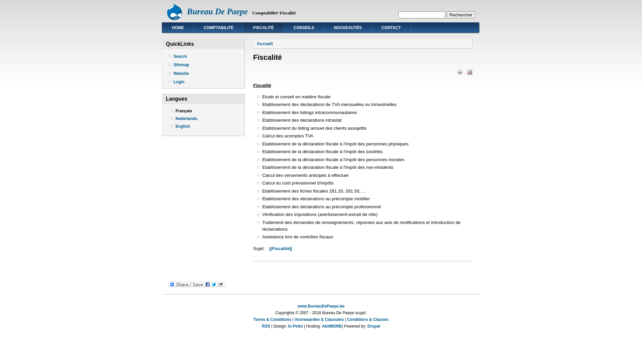 This screenshot has width=642, height=361. Describe the element at coordinates (205, 56) in the screenshot. I see `'Search'` at that location.